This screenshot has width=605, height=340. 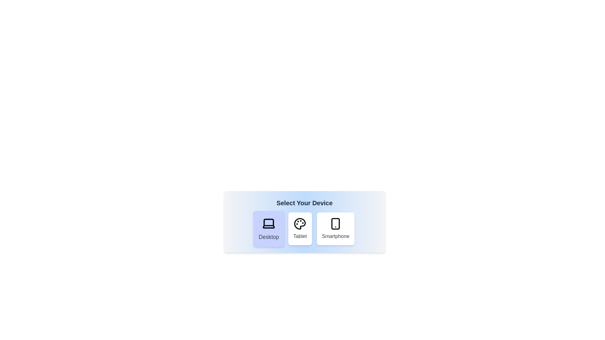 What do you see at coordinates (304, 203) in the screenshot?
I see `the text label that reads 'Select Your Device', which is styled in bold and large dark gray font, located at the top-center of the device selection card` at bounding box center [304, 203].